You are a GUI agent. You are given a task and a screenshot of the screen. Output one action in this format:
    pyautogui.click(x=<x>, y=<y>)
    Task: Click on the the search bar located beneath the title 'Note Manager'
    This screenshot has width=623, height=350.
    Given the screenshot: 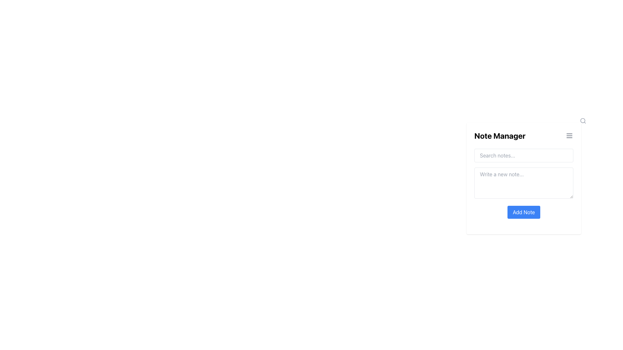 What is the action you would take?
    pyautogui.click(x=524, y=155)
    